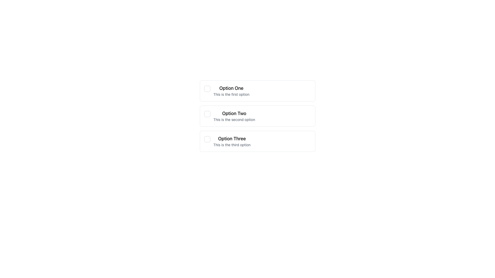 The height and width of the screenshot is (278, 495). I want to click on the text label reading 'This is the first option', which is styled with a light gray font and positioned under the header 'Option One', so click(231, 94).